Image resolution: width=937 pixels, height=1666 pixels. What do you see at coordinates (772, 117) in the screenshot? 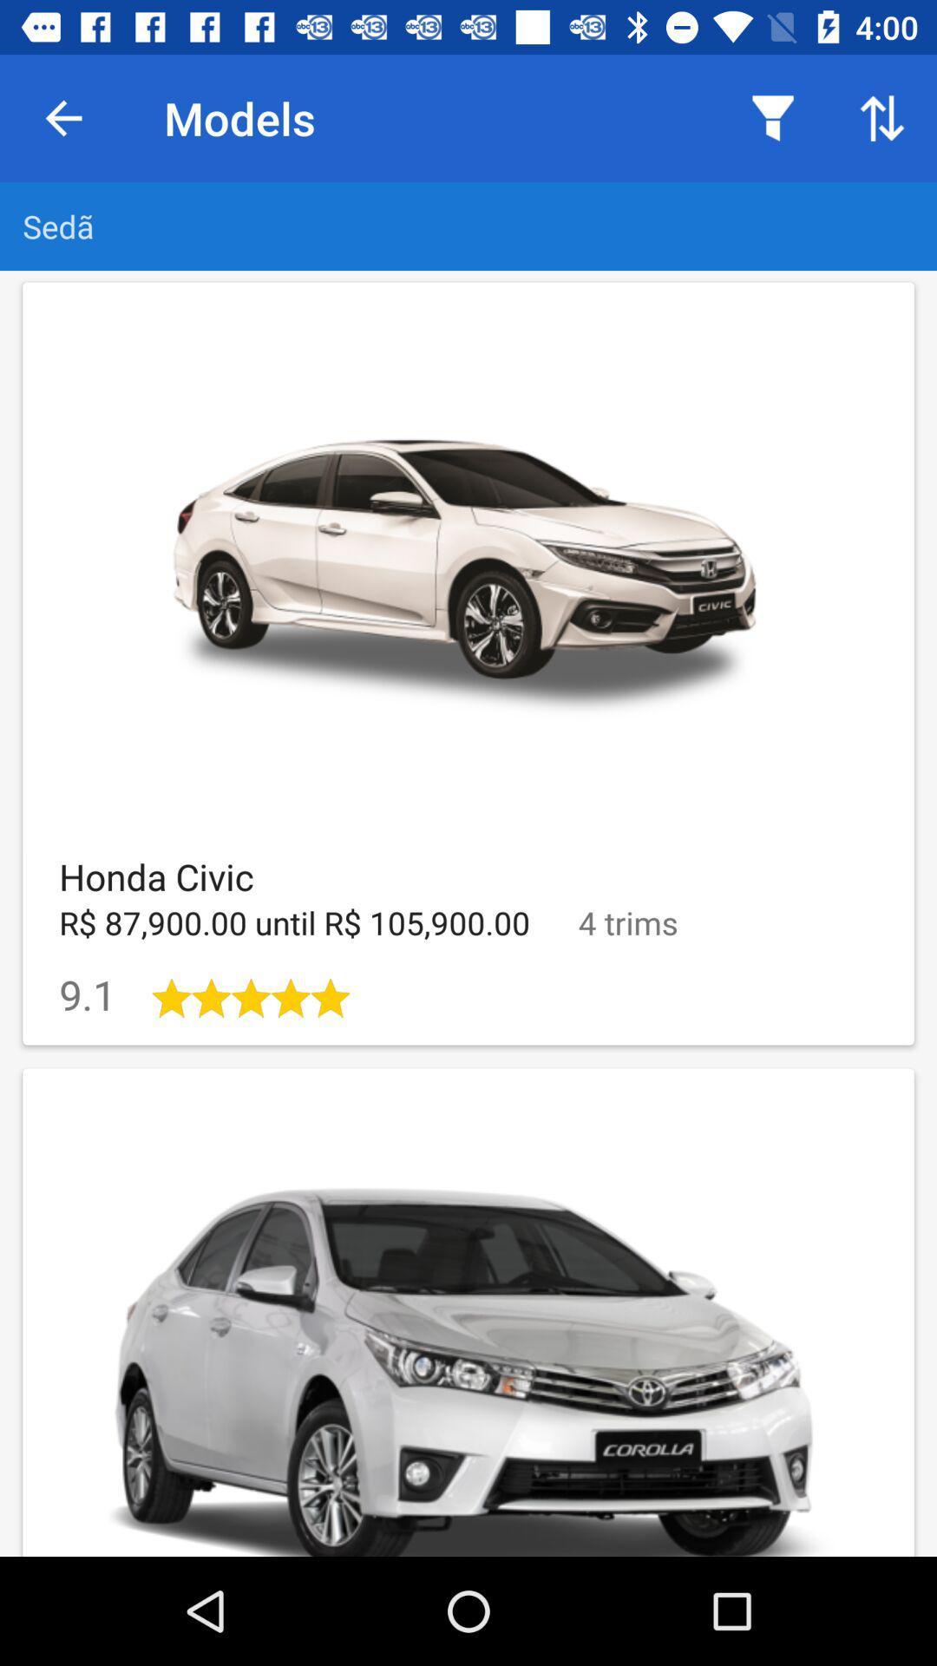
I see `icon next to the models item` at bounding box center [772, 117].